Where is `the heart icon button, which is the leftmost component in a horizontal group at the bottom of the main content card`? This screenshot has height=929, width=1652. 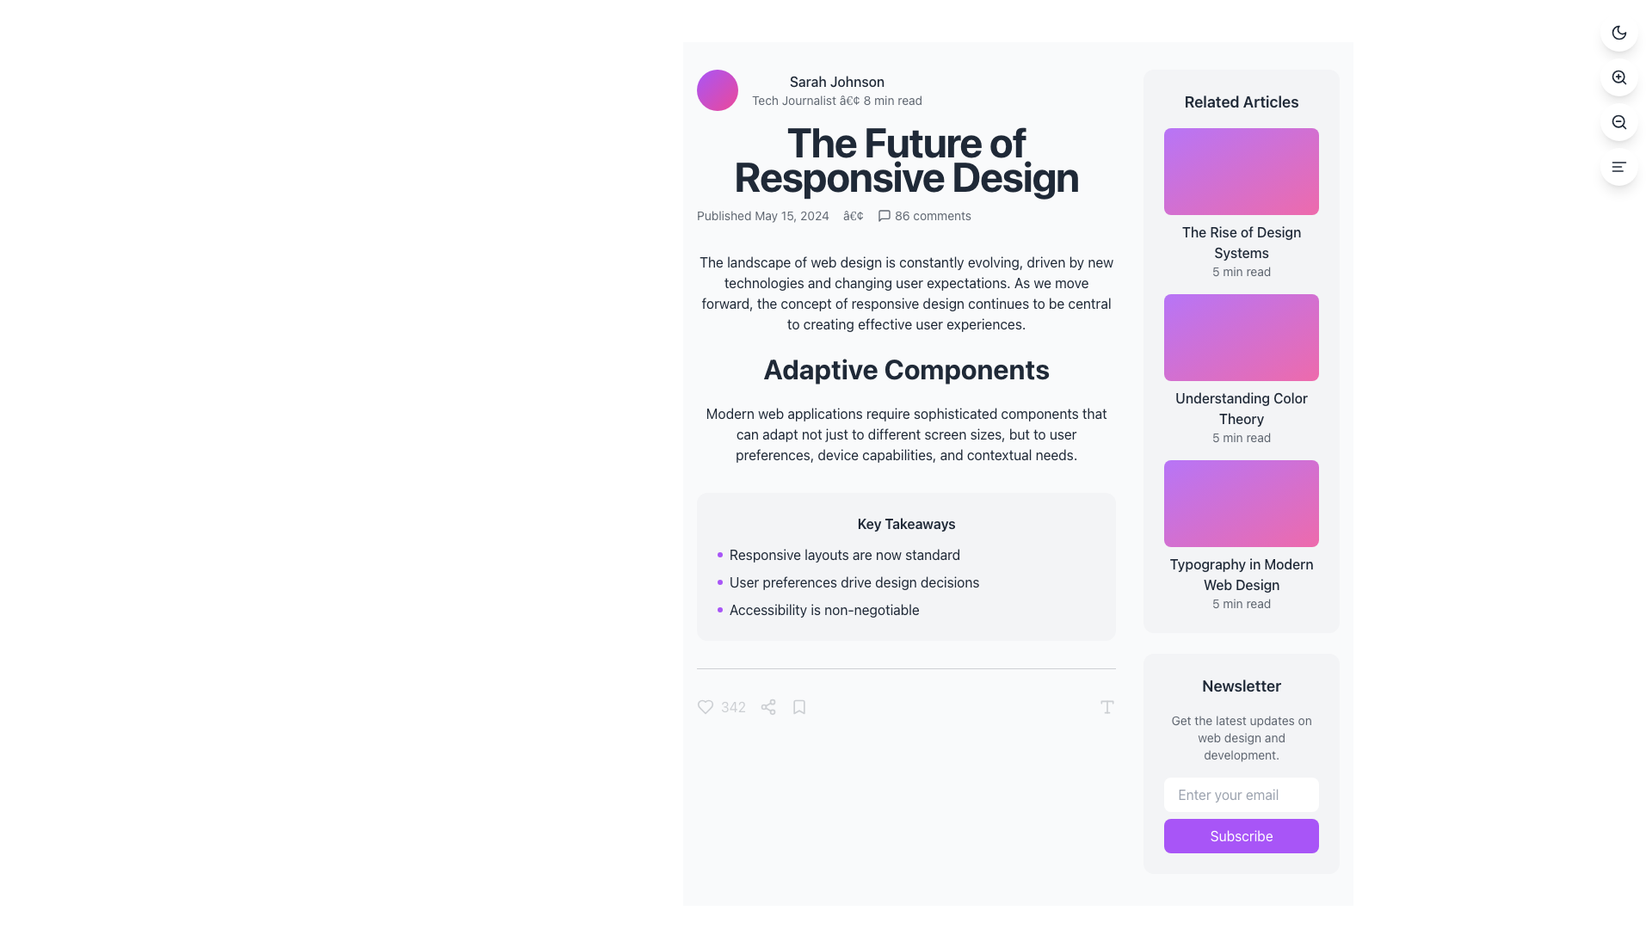 the heart icon button, which is the leftmost component in a horizontal group at the bottom of the main content card is located at coordinates (706, 706).